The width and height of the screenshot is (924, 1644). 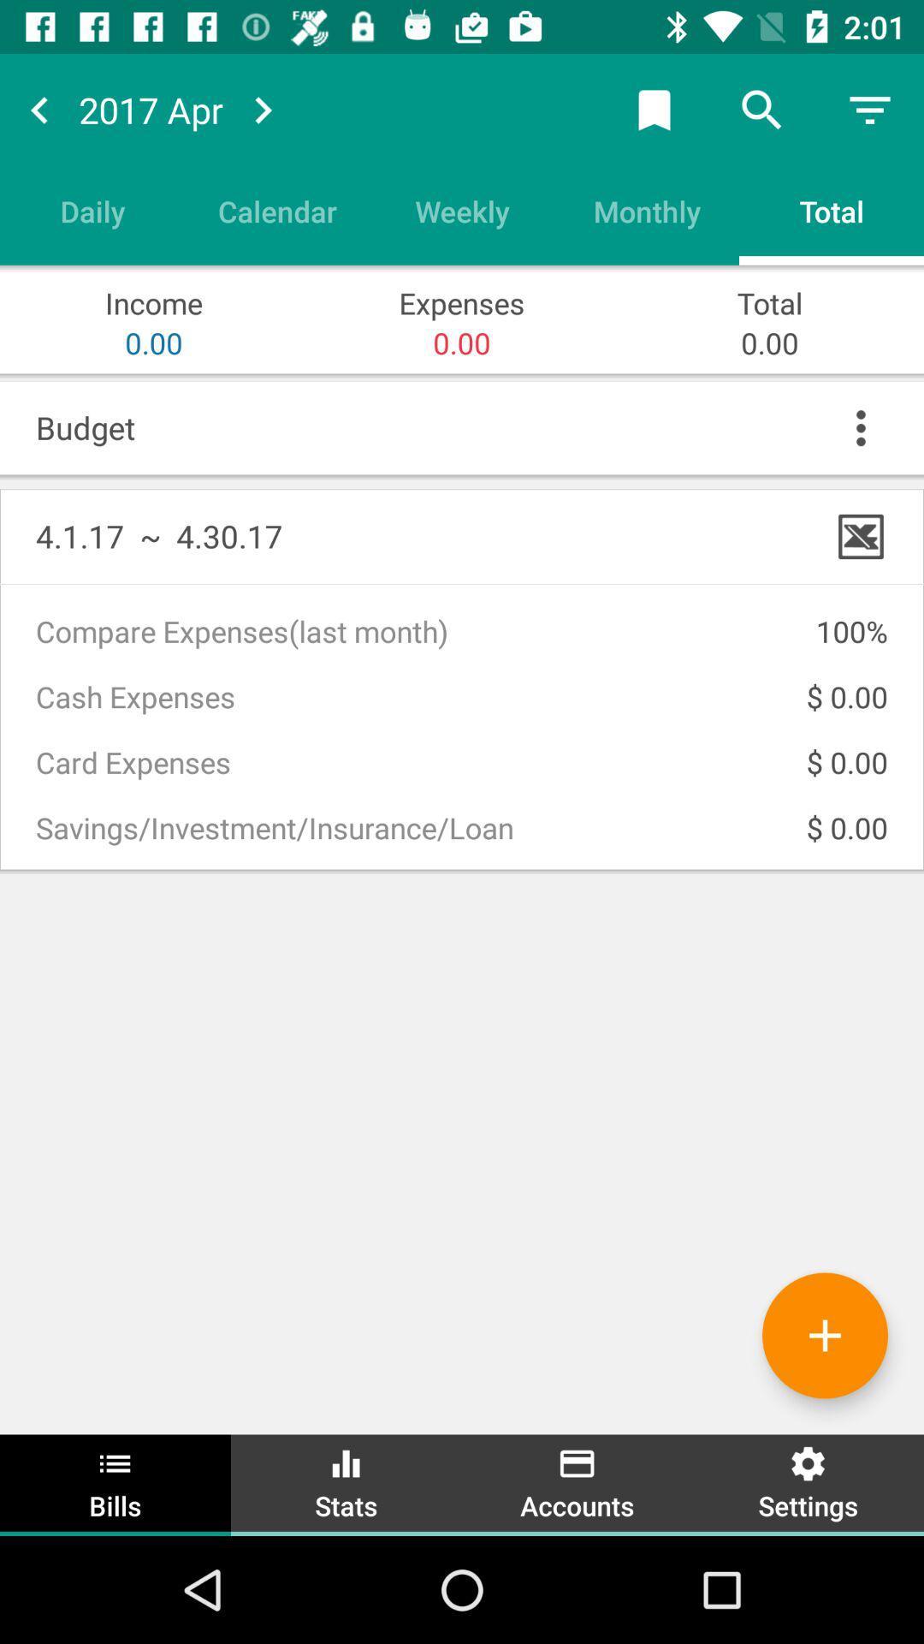 I want to click on the arrow_backward icon, so click(x=38, y=109).